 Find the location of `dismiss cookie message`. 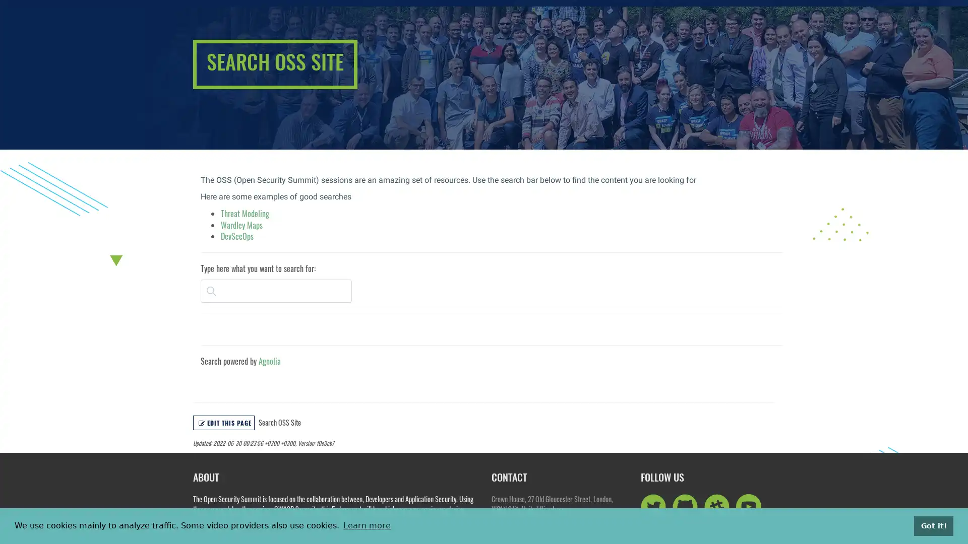

dismiss cookie message is located at coordinates (933, 525).